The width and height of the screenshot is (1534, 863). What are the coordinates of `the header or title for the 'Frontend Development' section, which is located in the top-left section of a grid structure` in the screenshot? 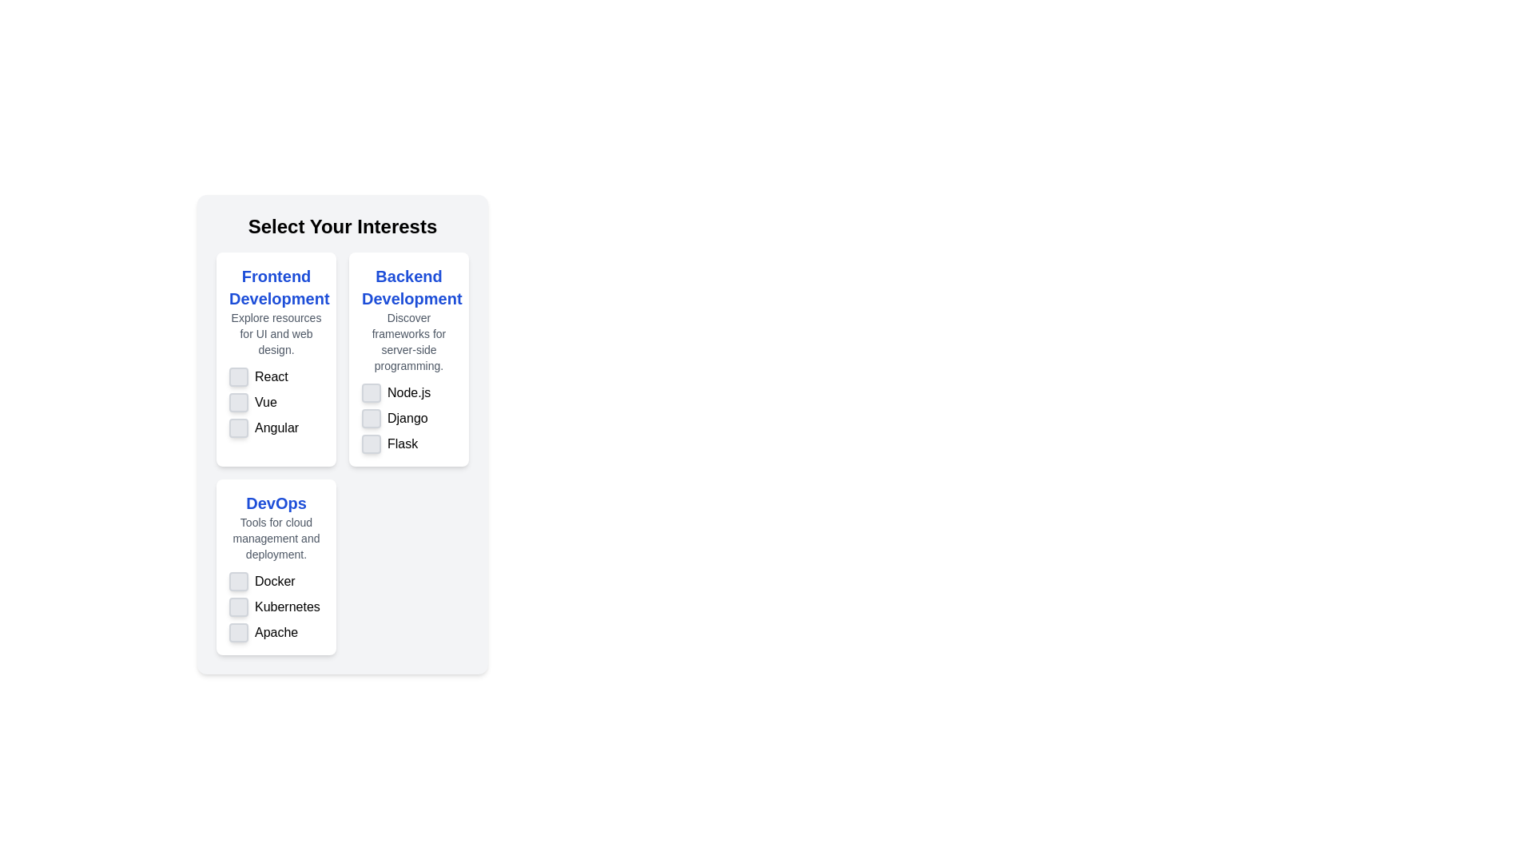 It's located at (276, 286).